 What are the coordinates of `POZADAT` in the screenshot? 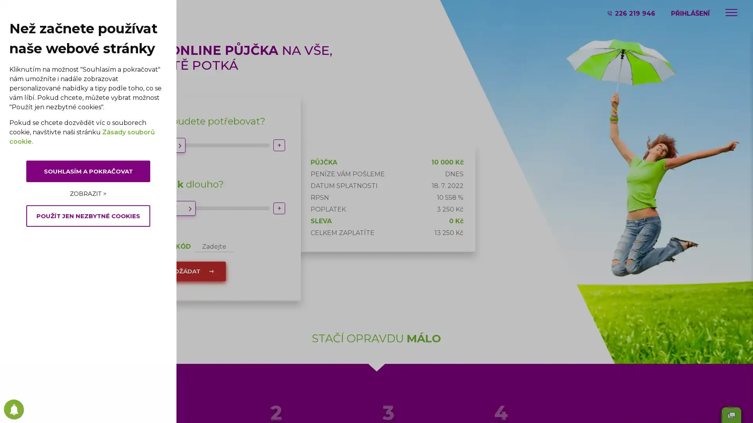 It's located at (187, 270).